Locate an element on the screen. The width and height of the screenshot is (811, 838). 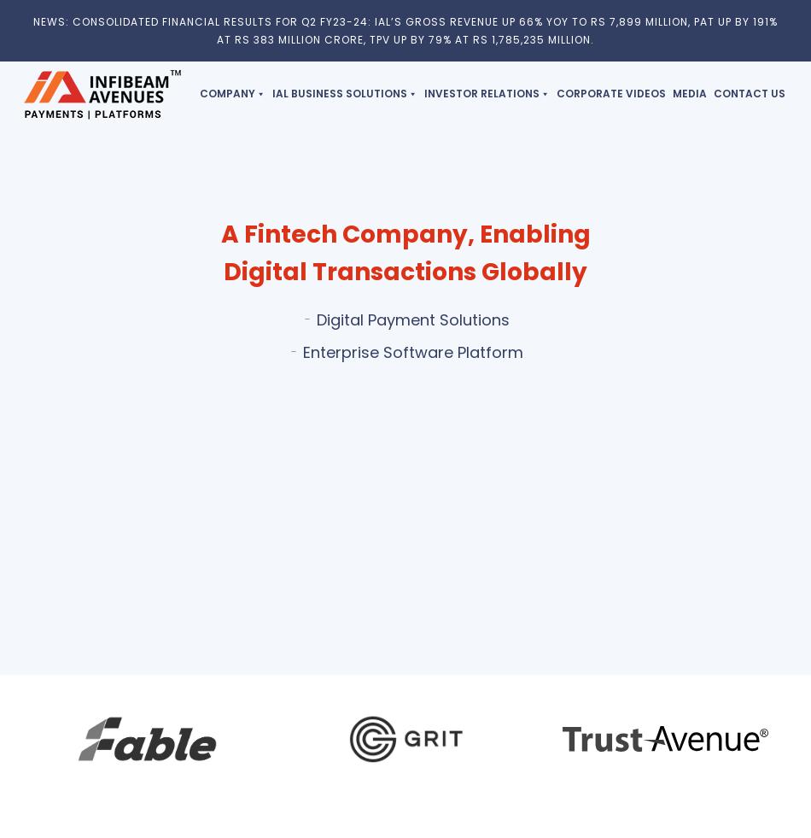
'Media' is located at coordinates (688, 92).